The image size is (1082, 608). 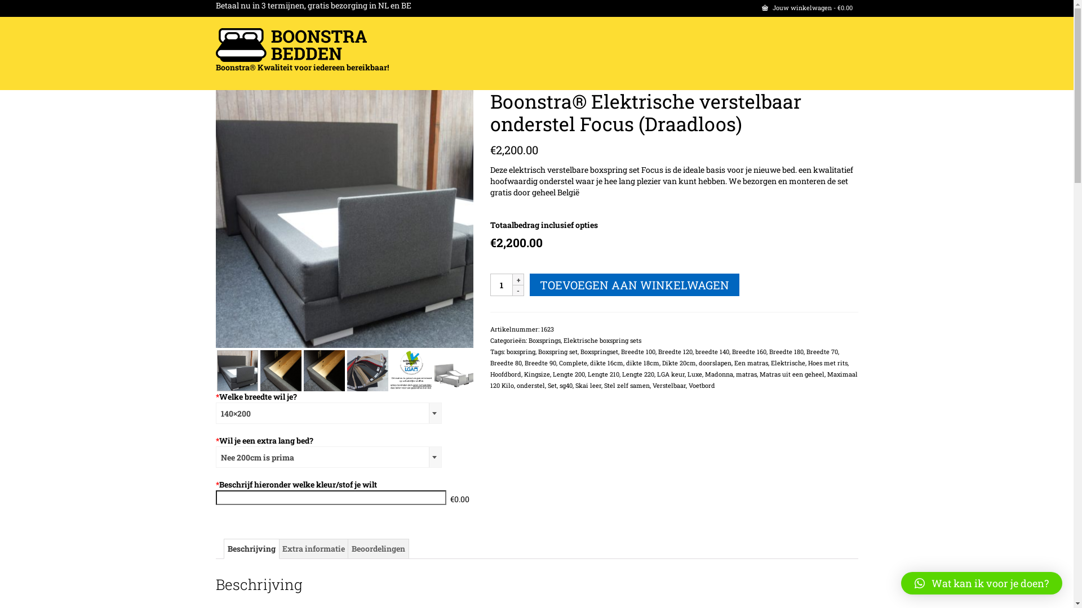 I want to click on 'Boxspring set', so click(x=557, y=351).